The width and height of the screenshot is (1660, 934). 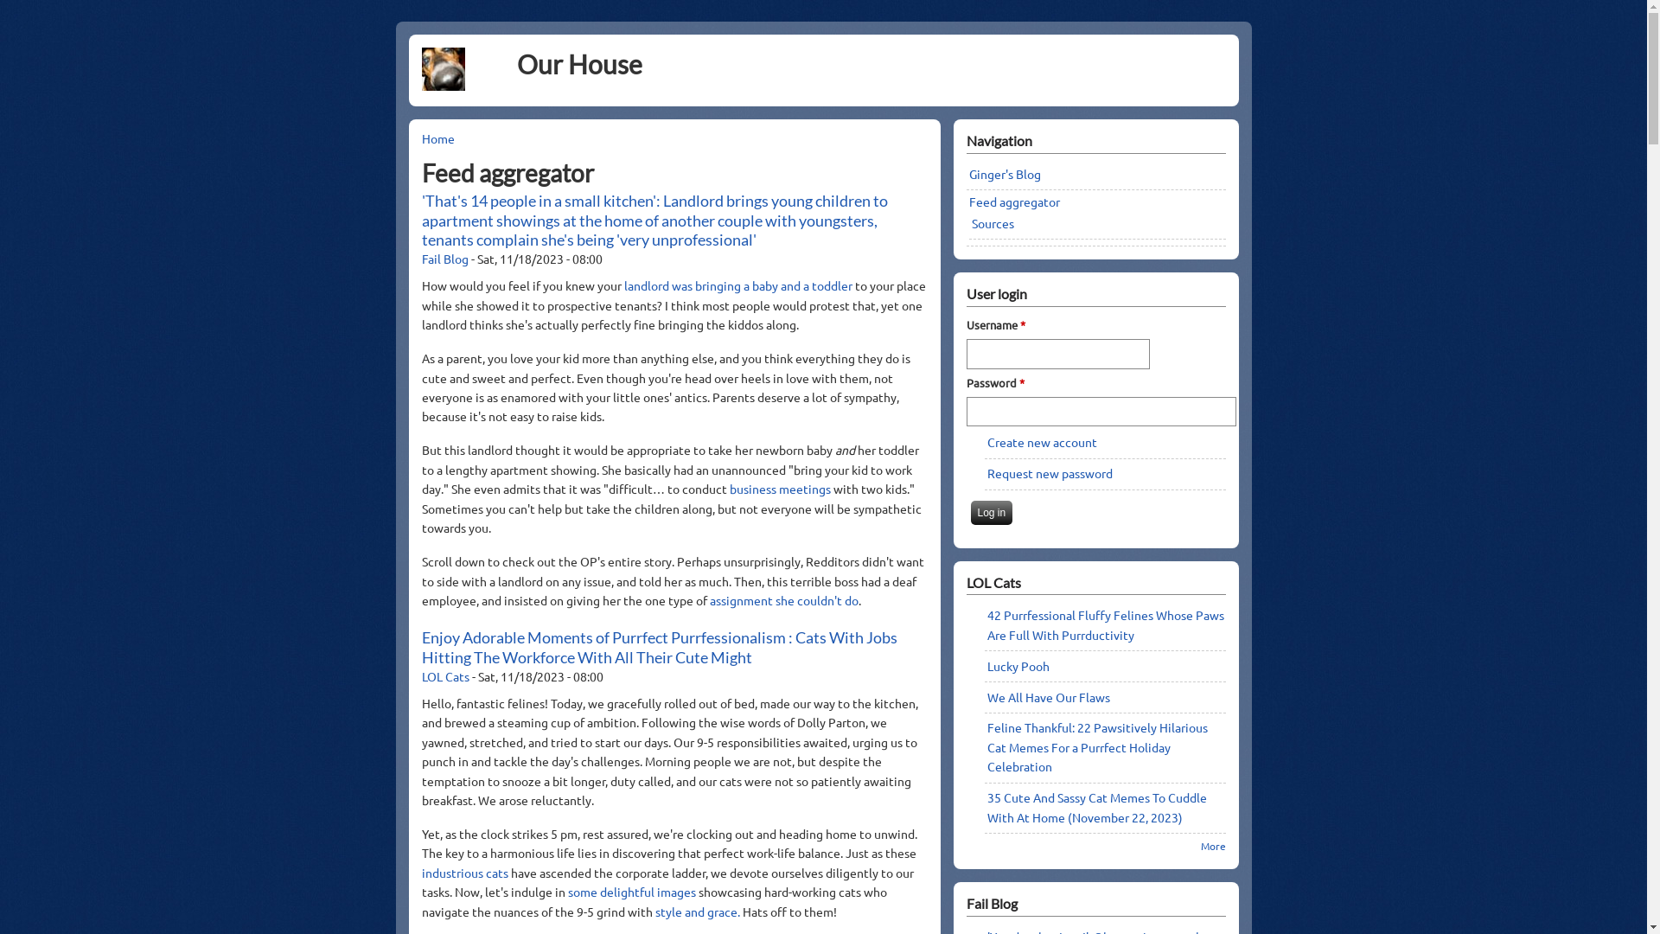 What do you see at coordinates (445, 675) in the screenshot?
I see `'LOL Cats'` at bounding box center [445, 675].